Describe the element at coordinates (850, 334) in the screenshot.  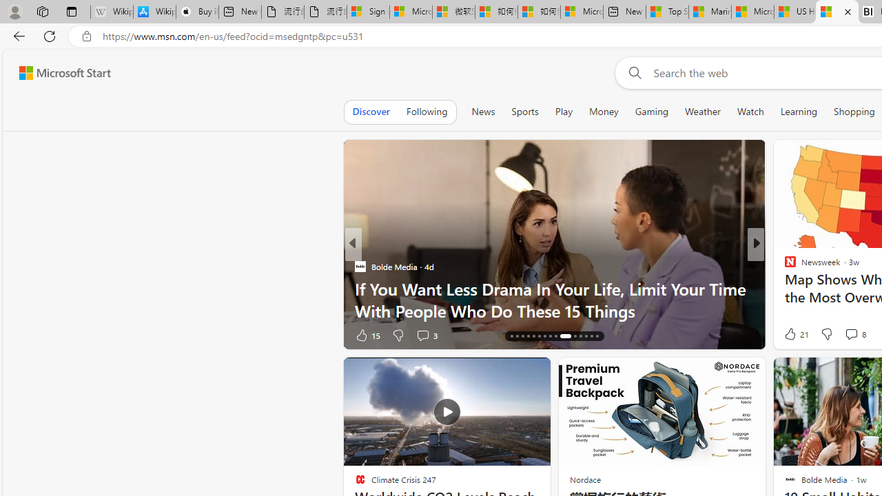
I see `'View comments 8 Comment'` at that location.